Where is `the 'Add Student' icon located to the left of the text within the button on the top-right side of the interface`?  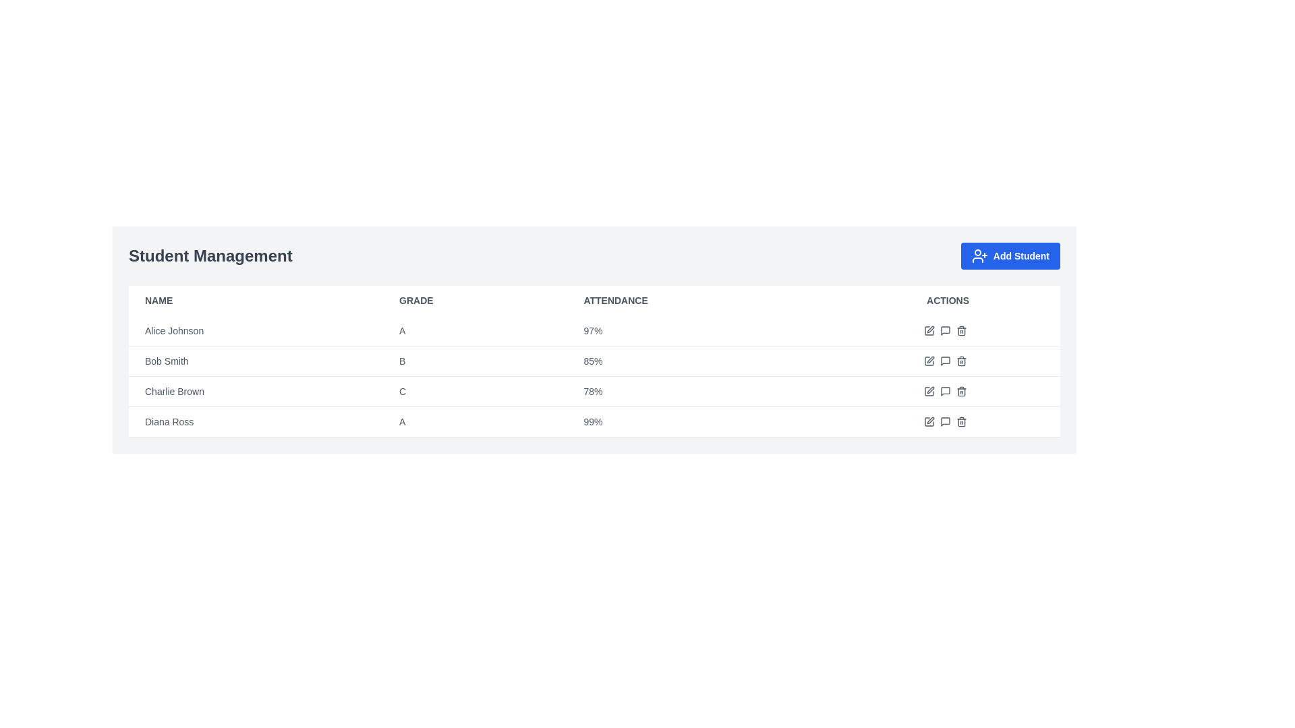
the 'Add Student' icon located to the left of the text within the button on the top-right side of the interface is located at coordinates (979, 256).